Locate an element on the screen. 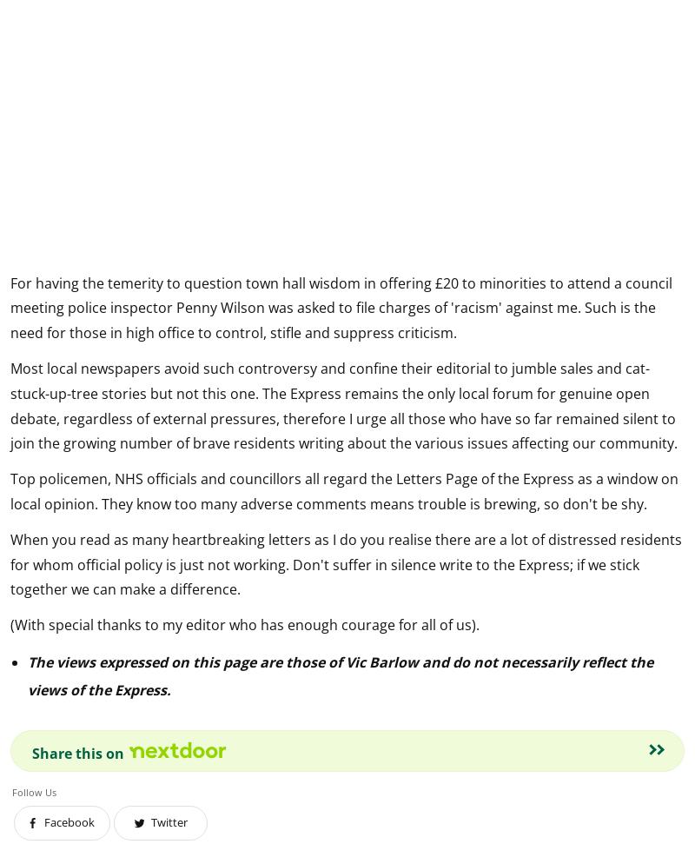  'Twitter' is located at coordinates (169, 821).